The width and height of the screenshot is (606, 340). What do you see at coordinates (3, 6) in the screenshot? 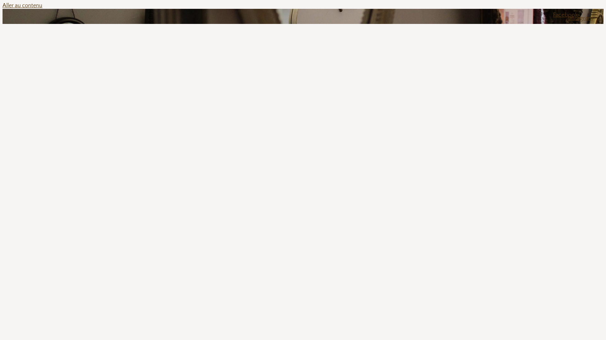
I see `'Aller au contenu'` at bounding box center [3, 6].